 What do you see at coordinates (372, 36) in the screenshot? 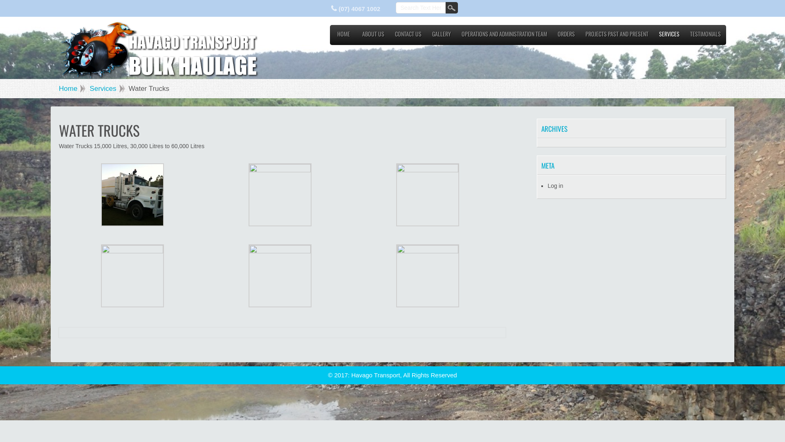
I see `'ABOUT US'` at bounding box center [372, 36].